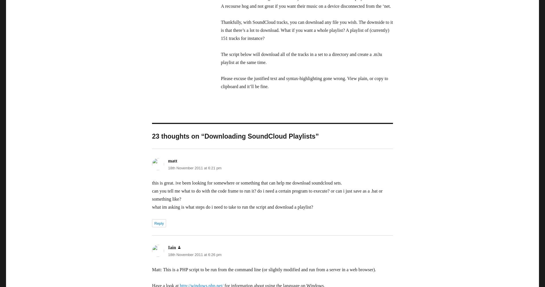 The image size is (545, 287). What do you see at coordinates (152, 269) in the screenshot?
I see `'Matt:  This is a PHP script to be run from the command line (or slightly modified and run from a server in a web browser).'` at bounding box center [152, 269].